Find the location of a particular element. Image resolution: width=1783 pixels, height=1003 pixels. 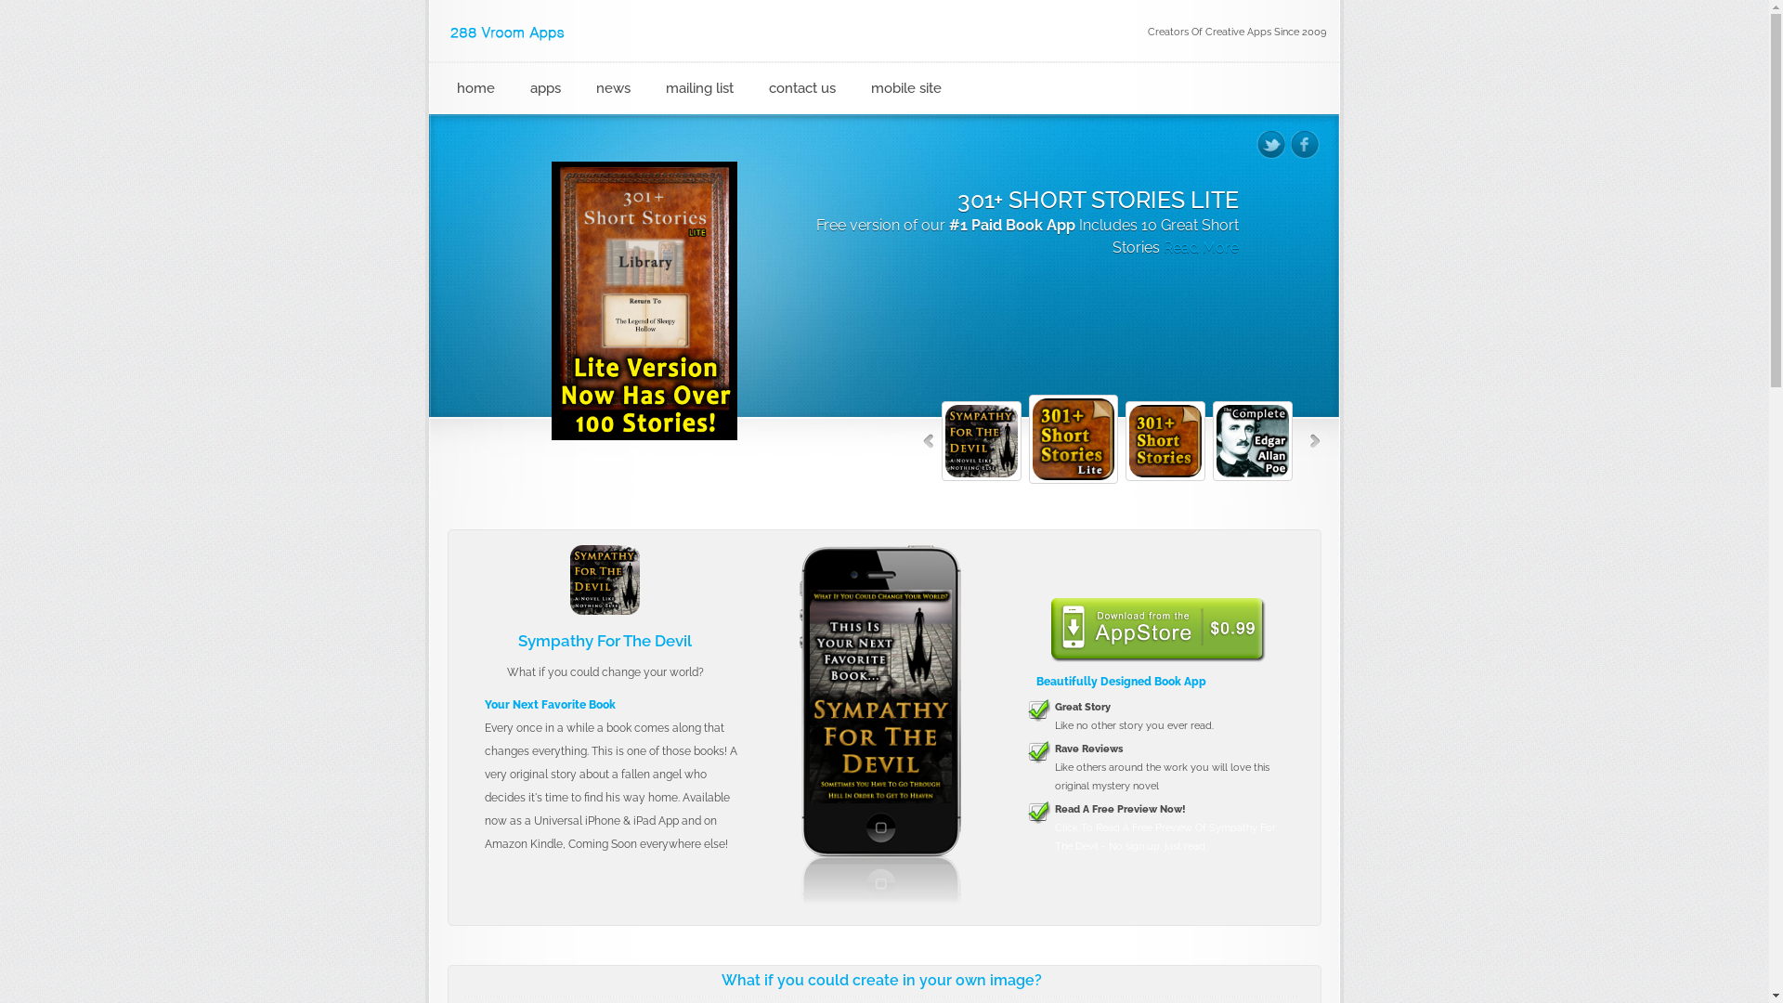

'facebook-ico' is located at coordinates (1290, 143).